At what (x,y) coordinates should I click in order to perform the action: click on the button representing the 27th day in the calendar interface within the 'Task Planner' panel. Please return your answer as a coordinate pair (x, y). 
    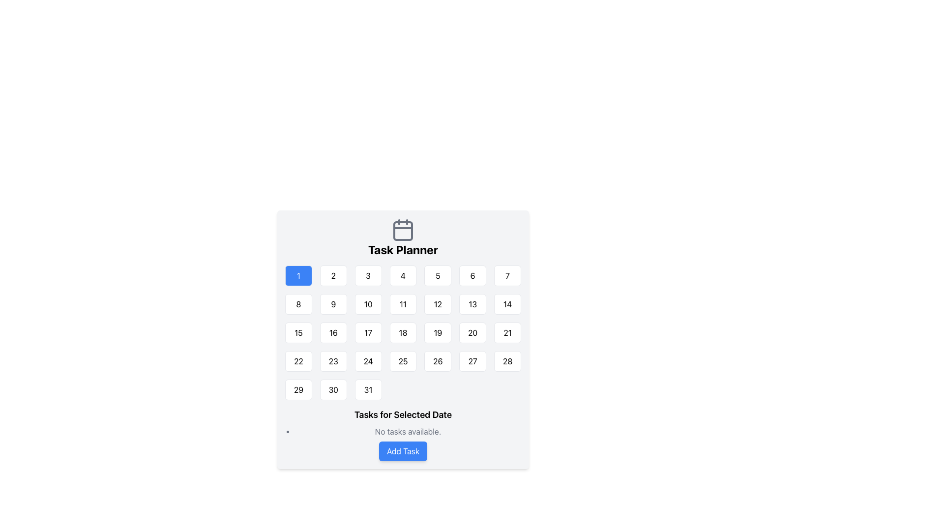
    Looking at the image, I should click on (472, 361).